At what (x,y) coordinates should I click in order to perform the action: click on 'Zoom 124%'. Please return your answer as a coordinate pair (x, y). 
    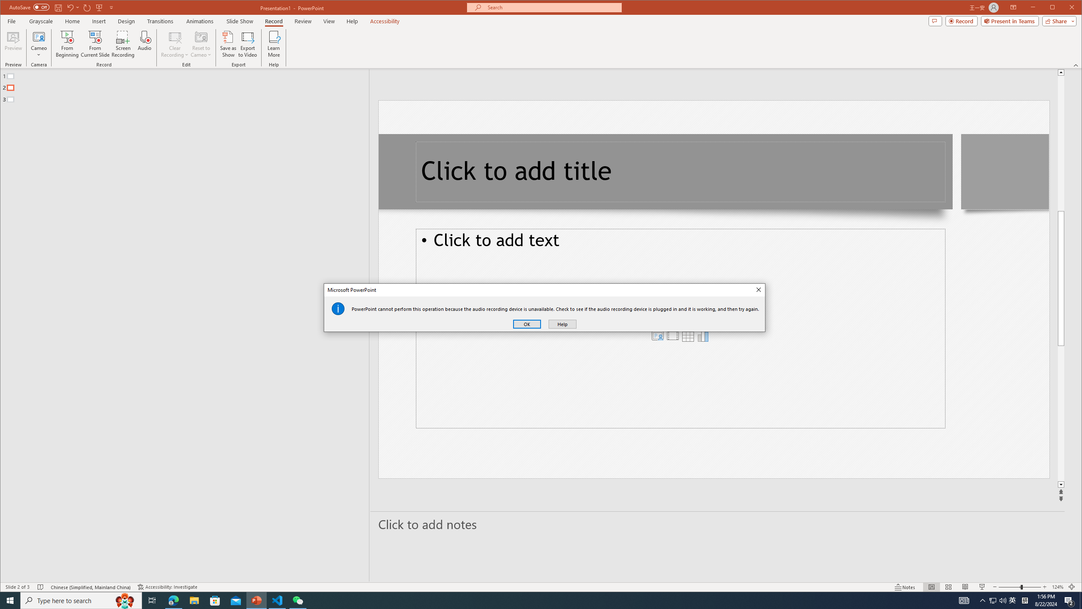
    Looking at the image, I should click on (1057, 587).